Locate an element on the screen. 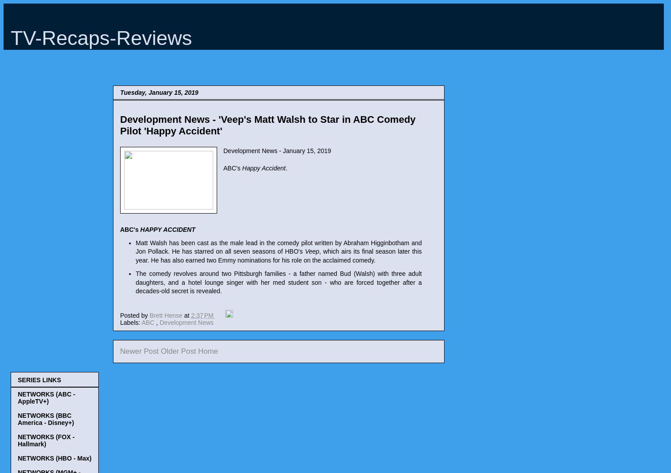 This screenshot has width=671, height=473. 'Labels:' is located at coordinates (130, 322).